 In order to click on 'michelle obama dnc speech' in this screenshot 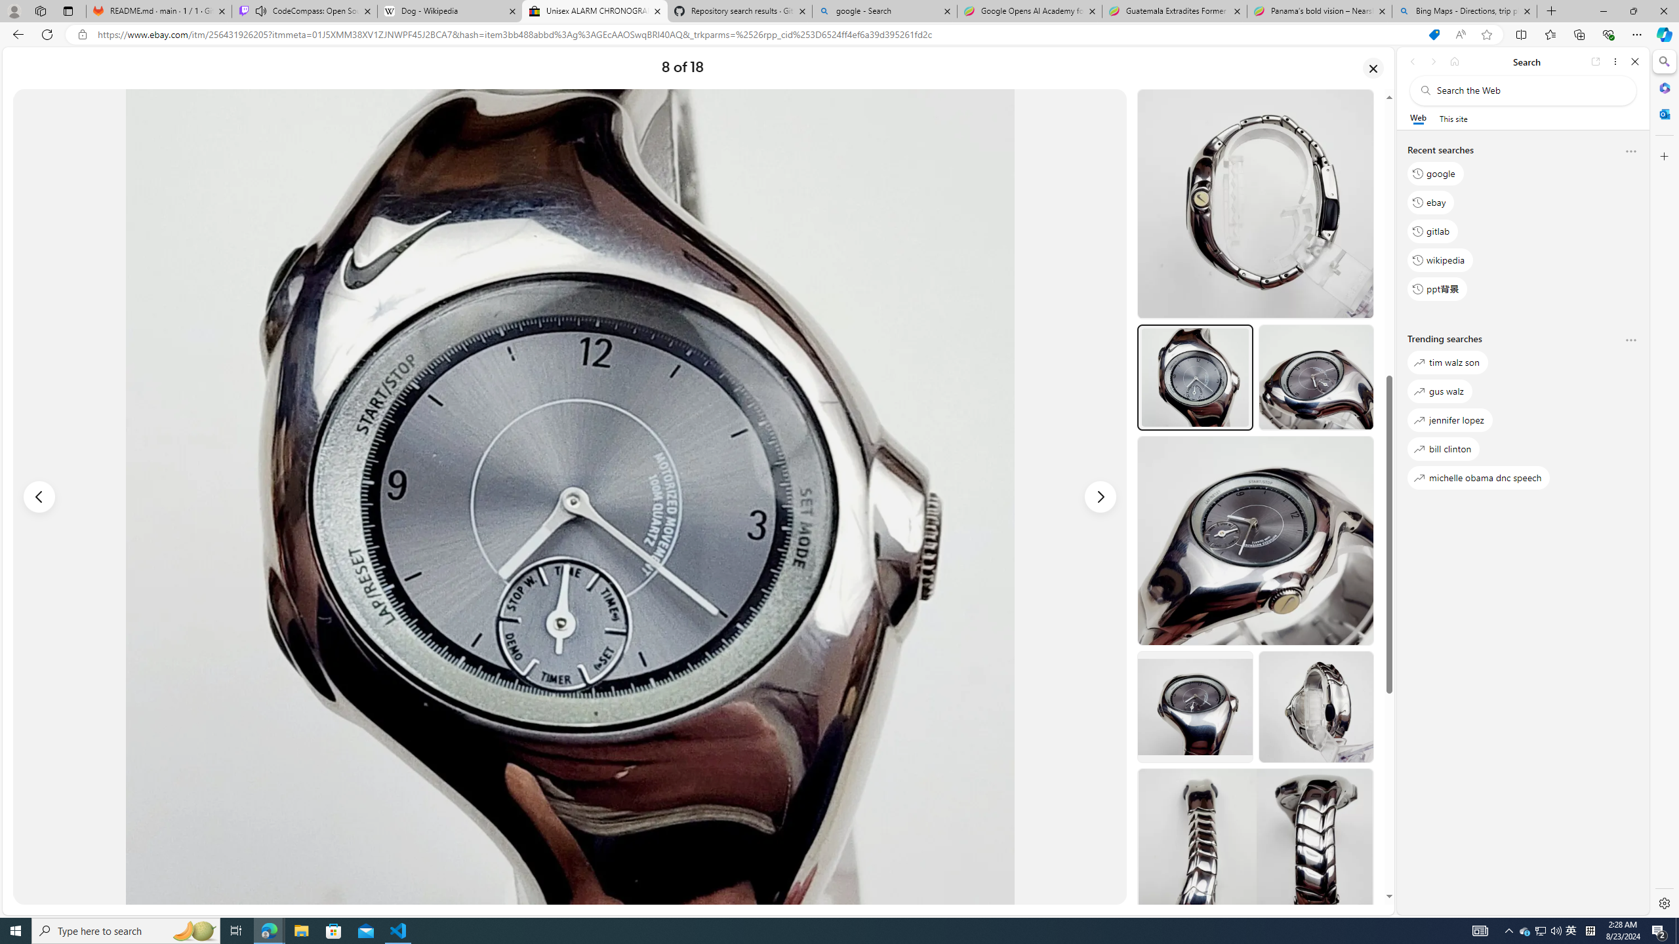, I will do `click(1478, 477)`.